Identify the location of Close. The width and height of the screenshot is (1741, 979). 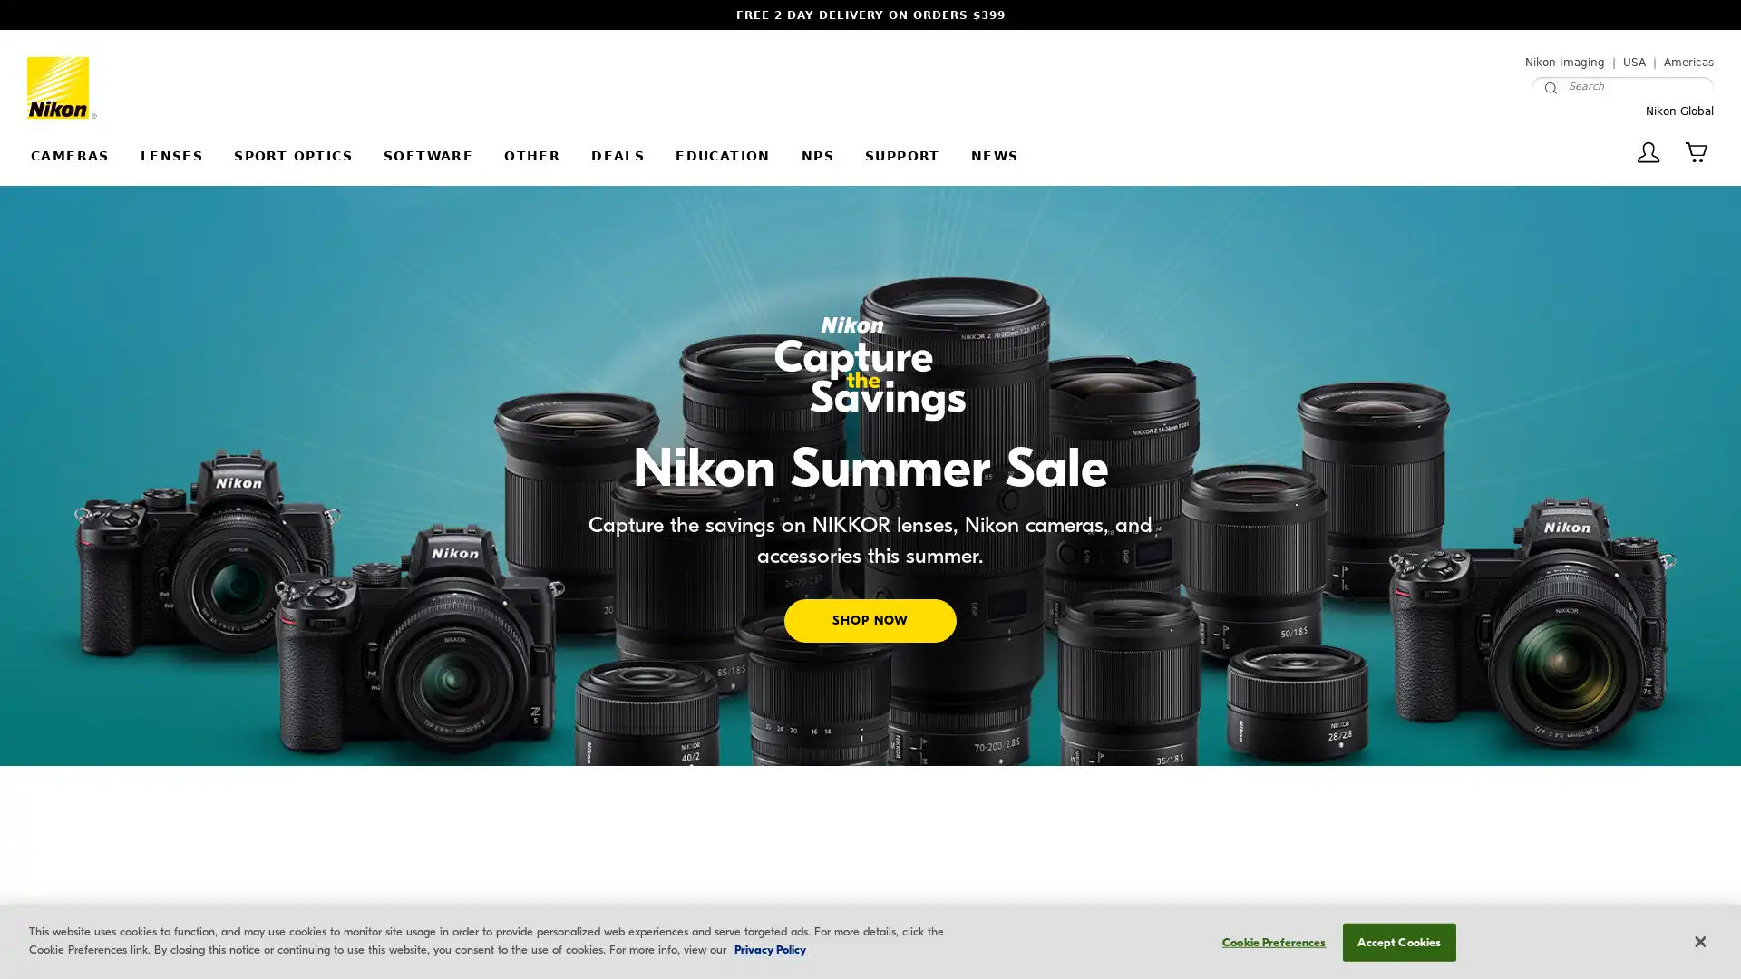
(1698, 940).